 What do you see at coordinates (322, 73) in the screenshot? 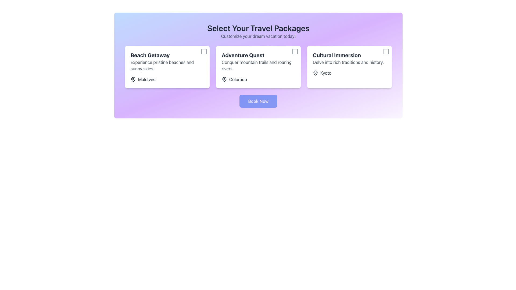
I see `the text element located at the bottom of the 'Cultural Immersion' card, directly below the descriptive text 'Delve into rich traditions and history.'` at bounding box center [322, 73].